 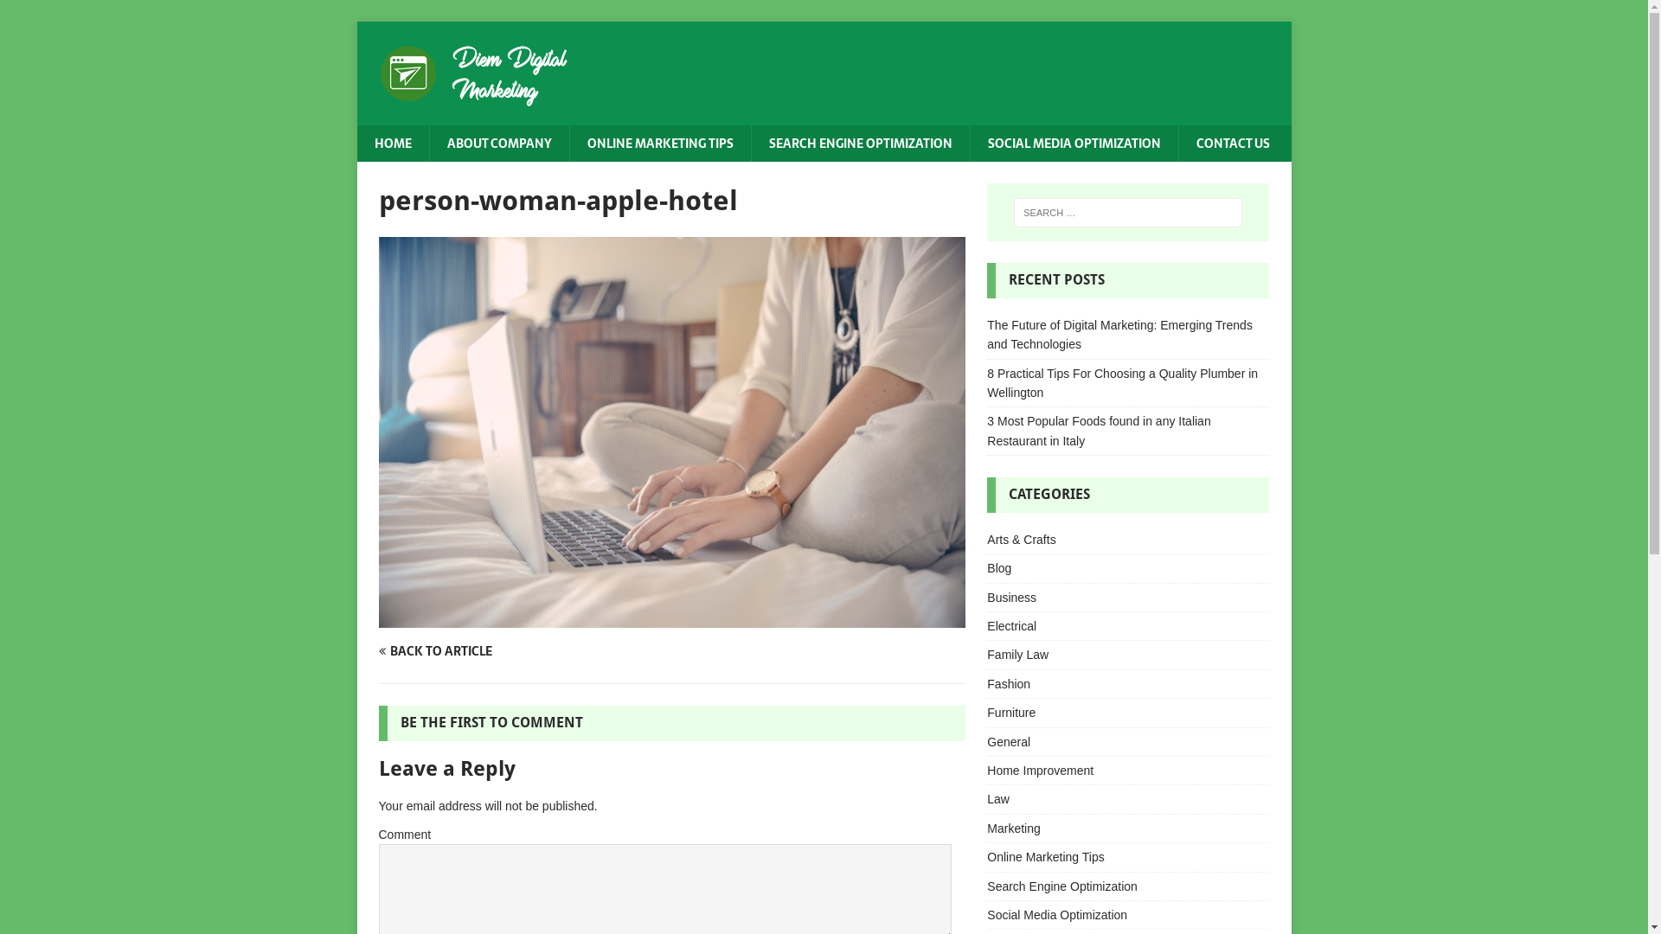 What do you see at coordinates (1128, 567) in the screenshot?
I see `'Blog'` at bounding box center [1128, 567].